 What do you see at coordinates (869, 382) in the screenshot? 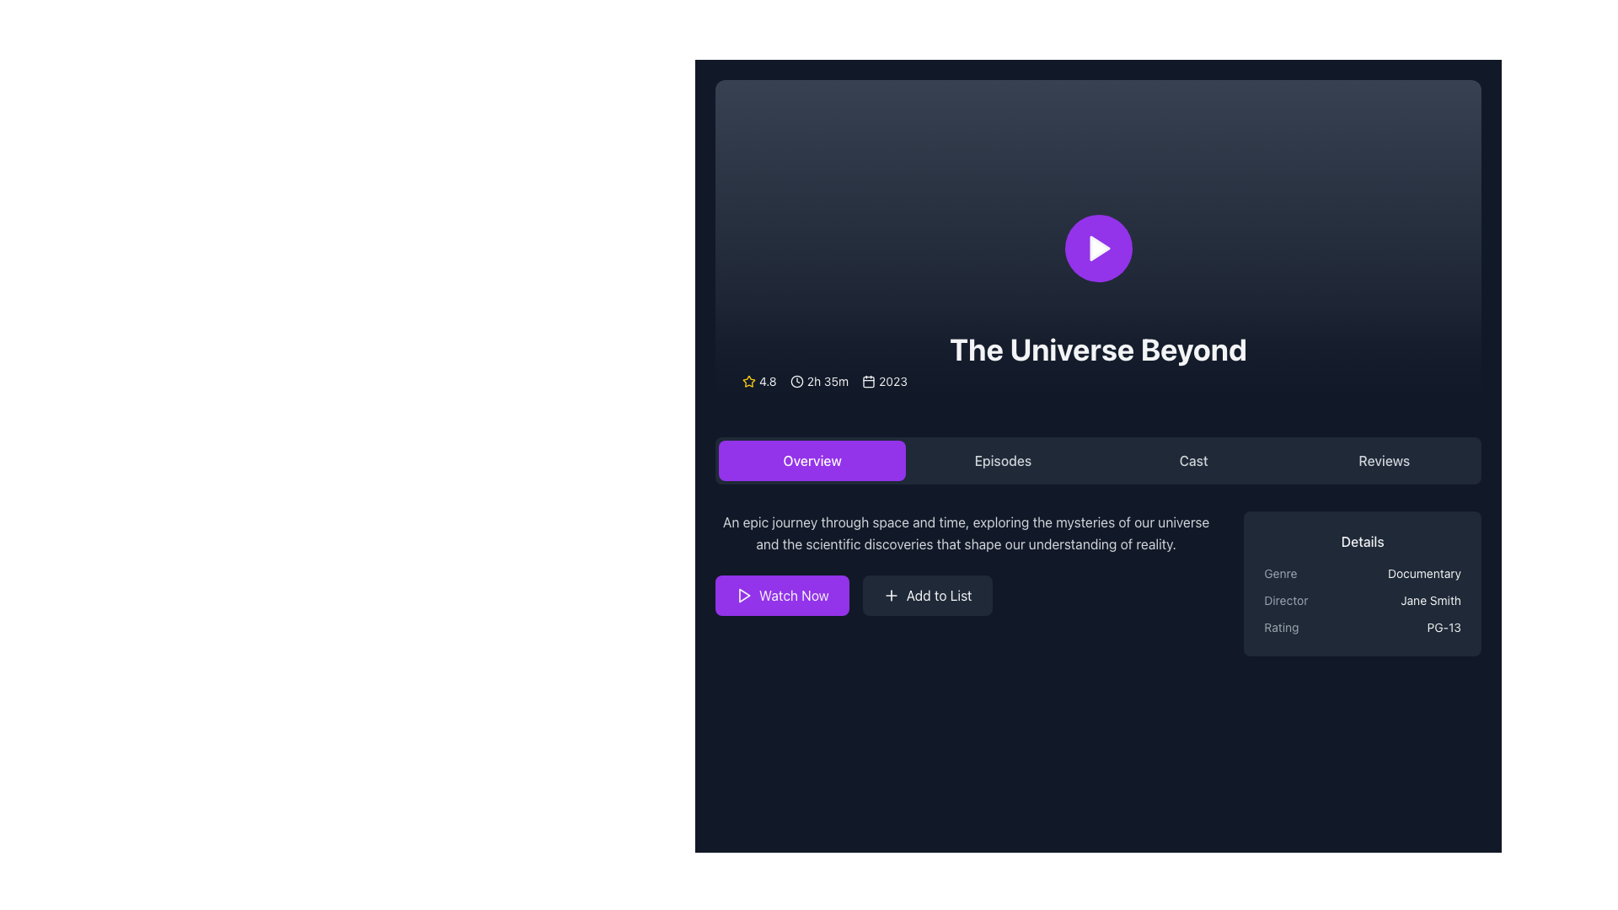
I see `the small rectangle icon with rounded corners that is part of the calendar icon located at the top-right section of the interface` at bounding box center [869, 382].